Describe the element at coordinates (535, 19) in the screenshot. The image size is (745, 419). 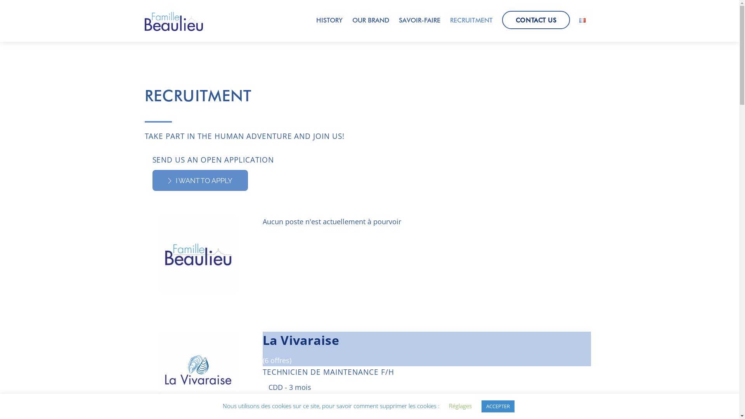
I see `'CONTACT US'` at that location.